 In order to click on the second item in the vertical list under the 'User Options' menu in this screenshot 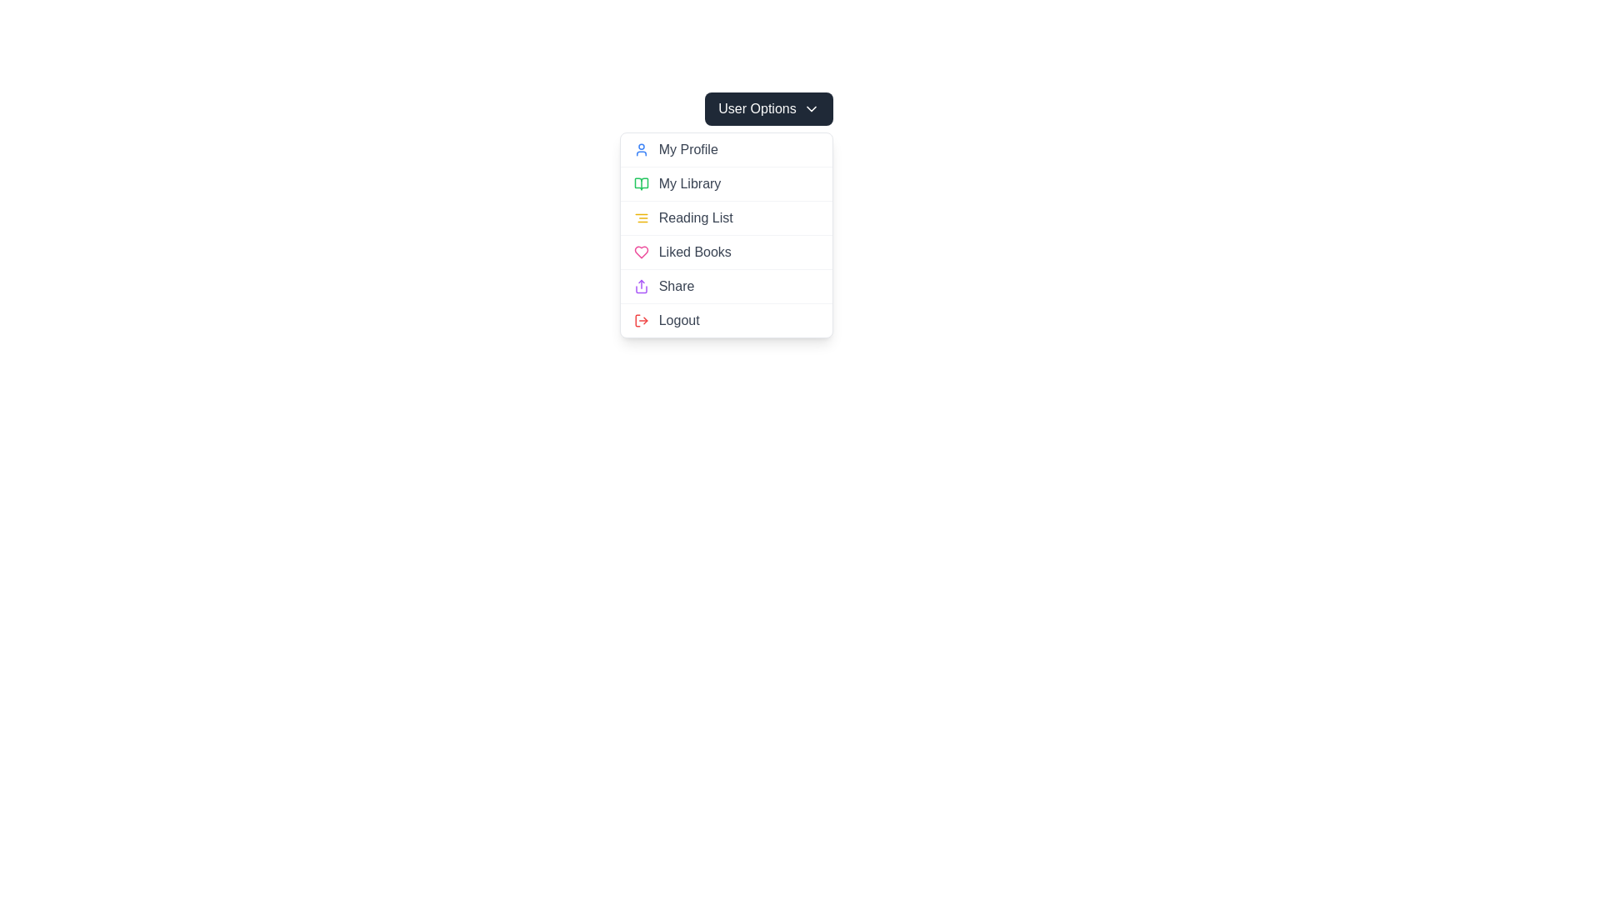, I will do `click(726, 183)`.